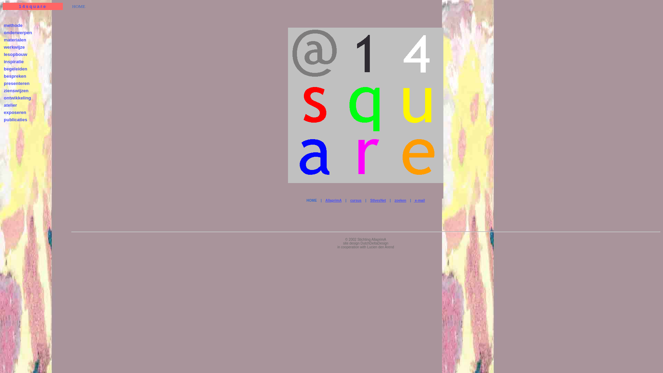  Describe the element at coordinates (16, 90) in the screenshot. I see `'zienswijzen'` at that location.